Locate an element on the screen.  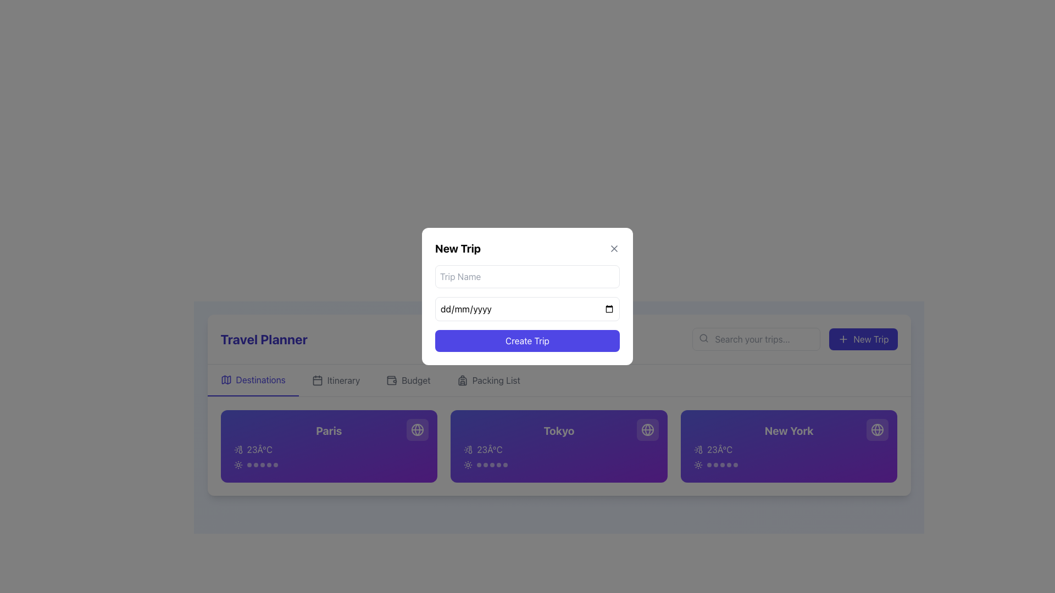
the second button in the horizontal navigation menu is located at coordinates (335, 380).